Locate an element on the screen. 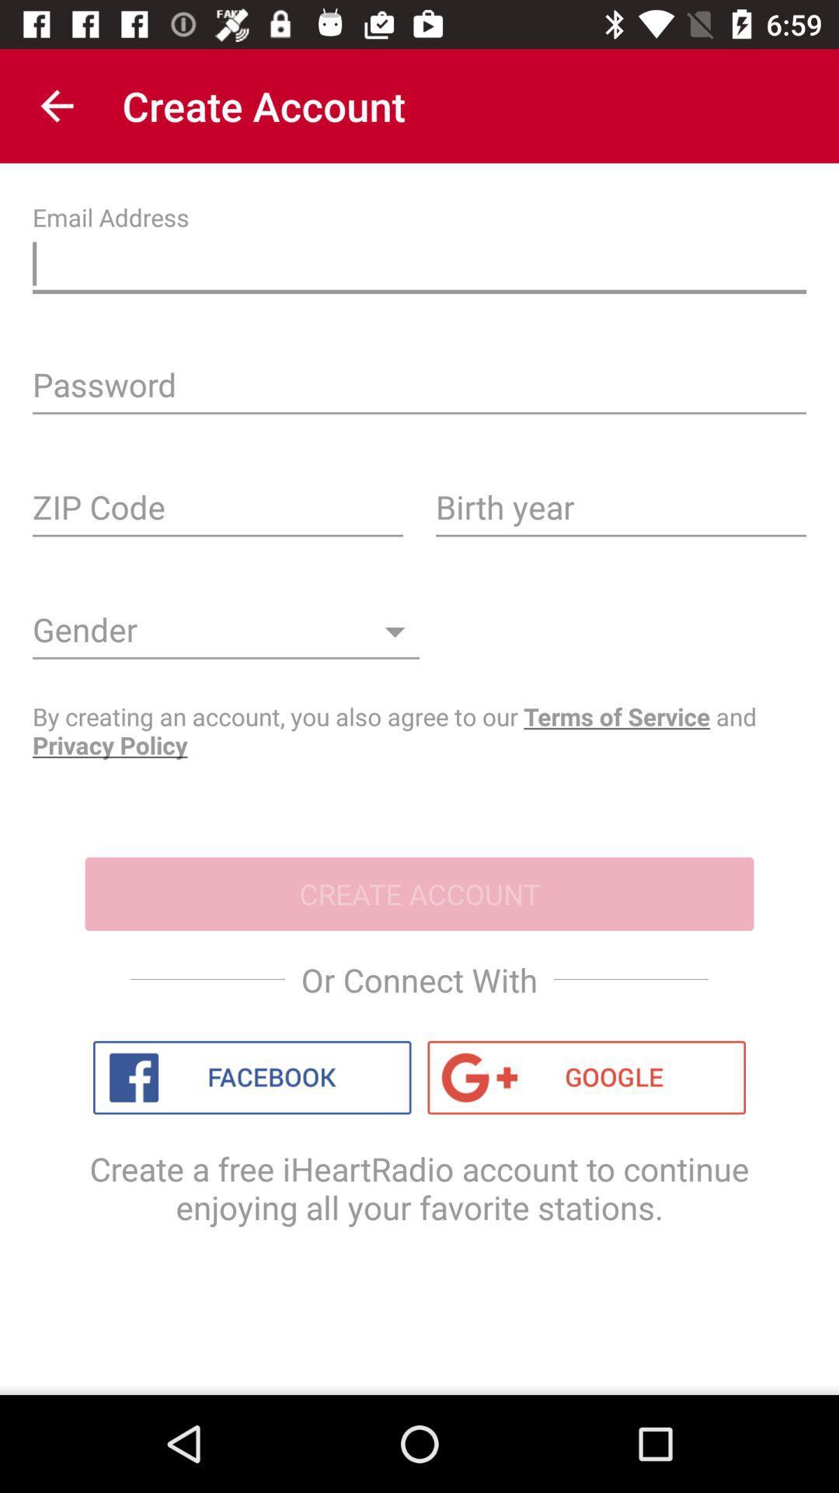 This screenshot has height=1493, width=839. email is located at coordinates (419, 267).